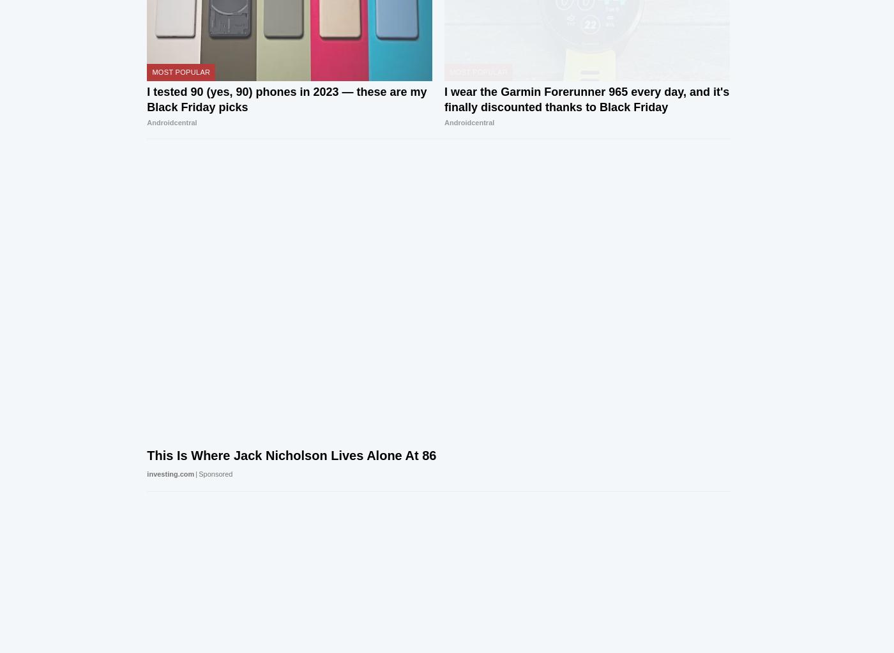 The height and width of the screenshot is (653, 894). Describe the element at coordinates (612, 548) in the screenshot. I see `'Visit our corporate site'` at that location.